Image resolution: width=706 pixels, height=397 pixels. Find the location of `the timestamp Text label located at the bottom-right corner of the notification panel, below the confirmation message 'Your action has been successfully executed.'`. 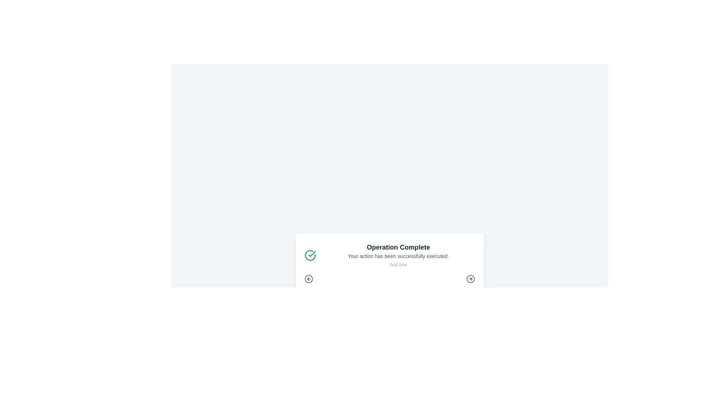

the timestamp Text label located at the bottom-right corner of the notification panel, below the confirmation message 'Your action has been successfully executed.' is located at coordinates (398, 265).